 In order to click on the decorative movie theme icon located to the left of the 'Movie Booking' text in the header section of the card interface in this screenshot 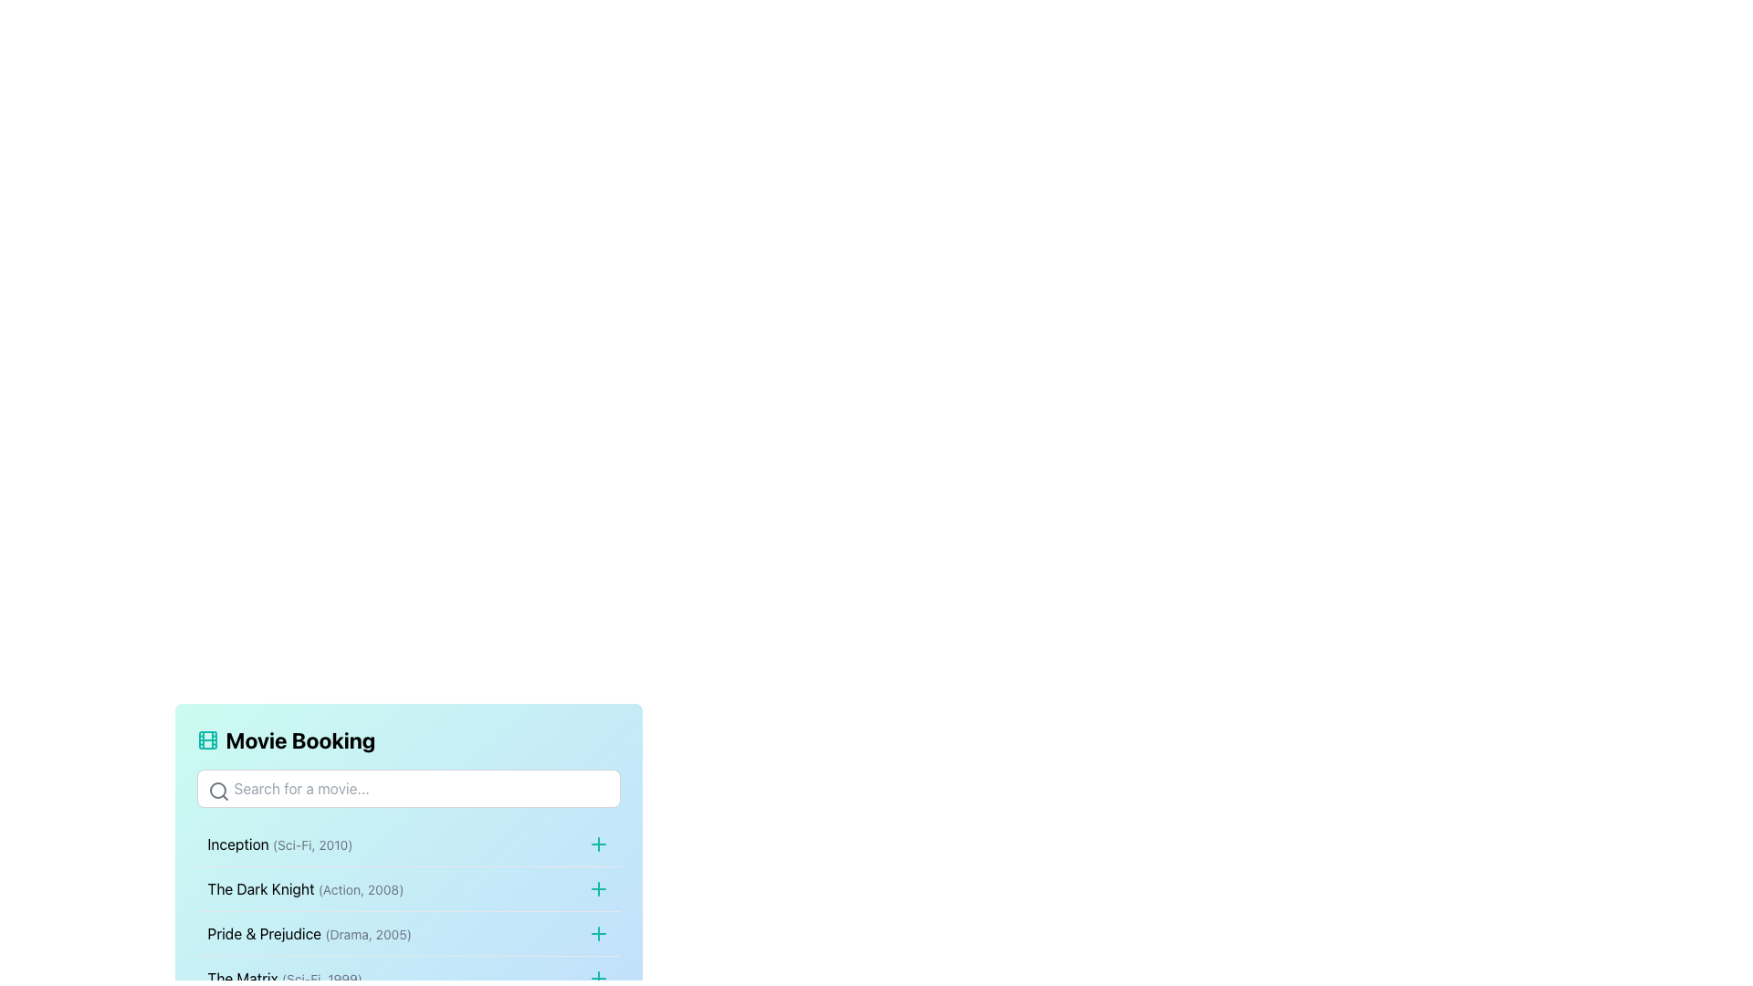, I will do `click(207, 739)`.